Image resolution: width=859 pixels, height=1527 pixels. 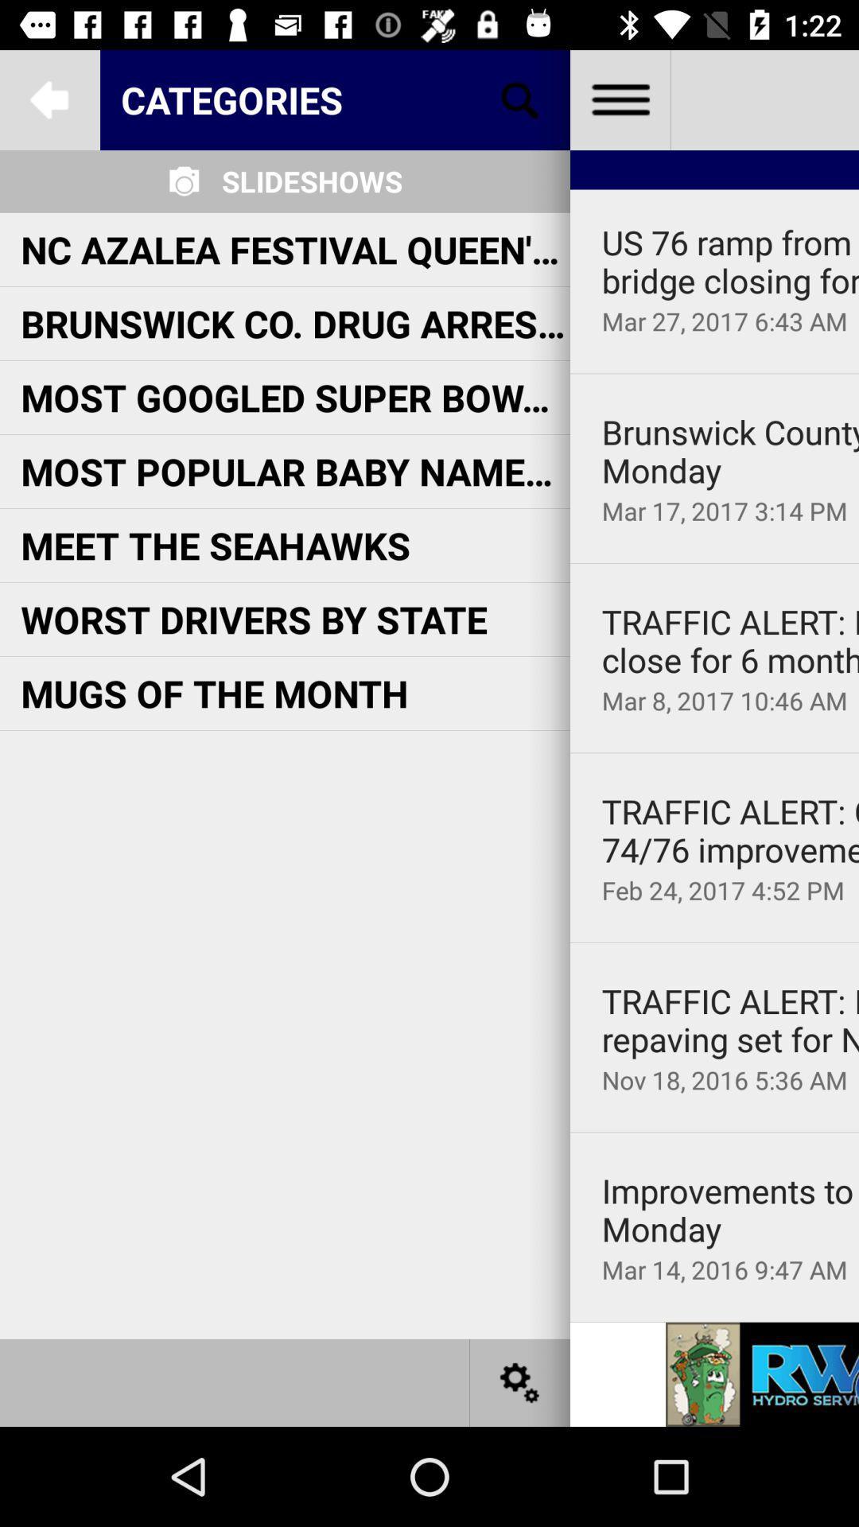 I want to click on the search icon, so click(x=520, y=99).